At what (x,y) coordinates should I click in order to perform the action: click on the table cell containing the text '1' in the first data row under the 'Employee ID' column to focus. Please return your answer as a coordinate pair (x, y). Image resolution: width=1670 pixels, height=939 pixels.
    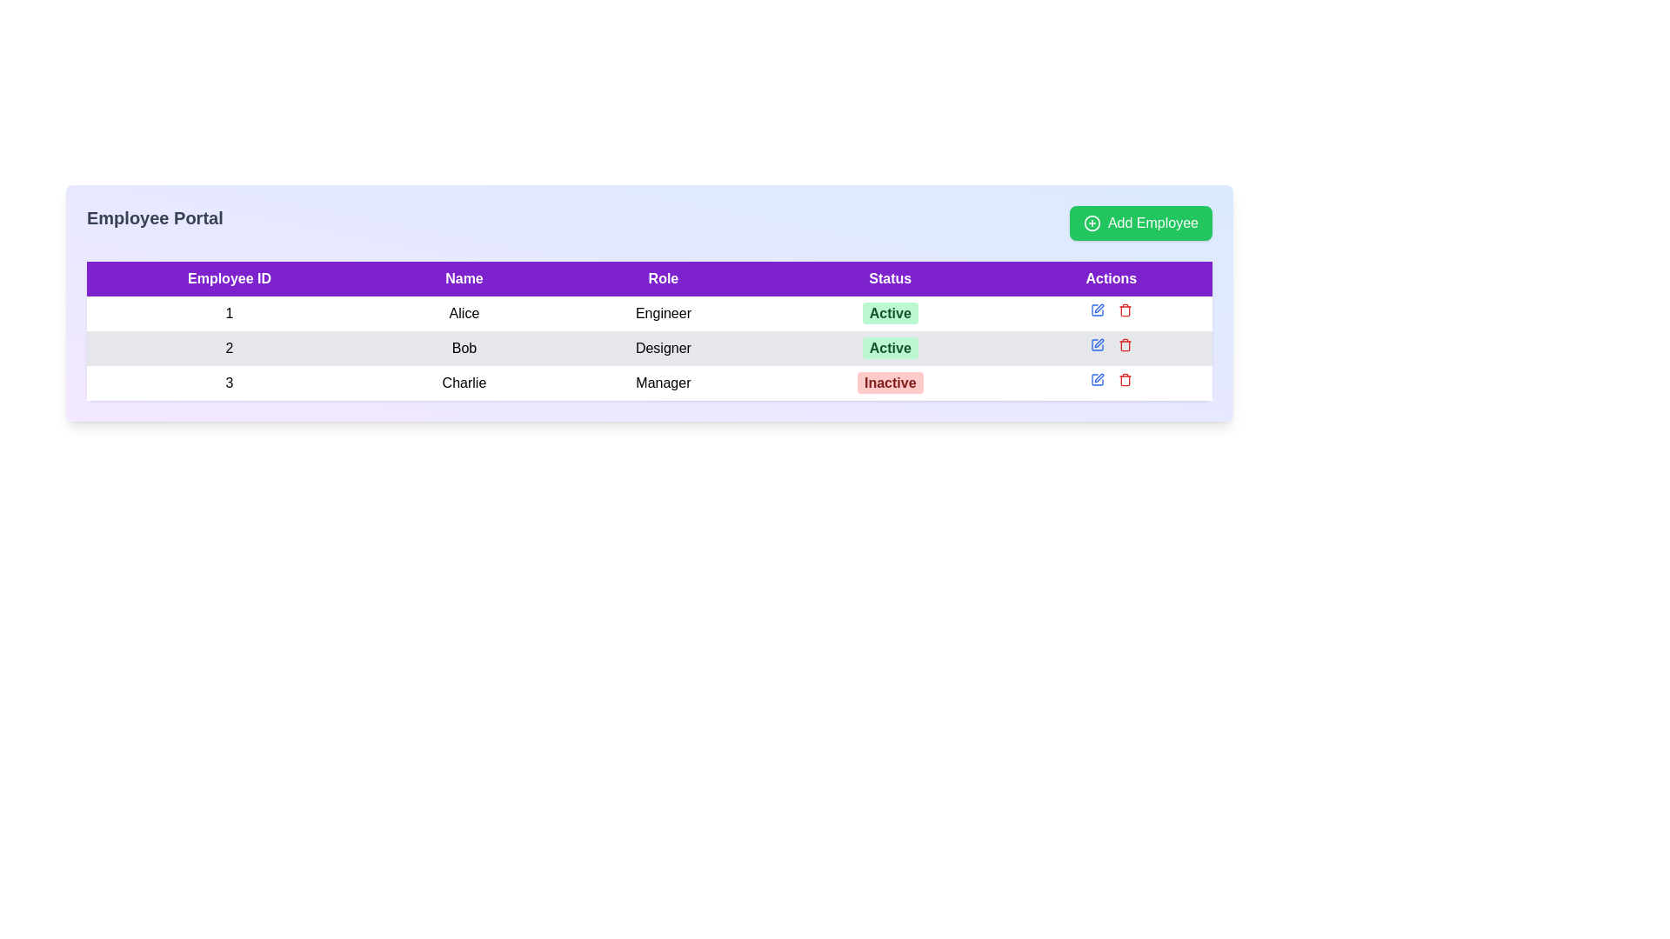
    Looking at the image, I should click on (229, 314).